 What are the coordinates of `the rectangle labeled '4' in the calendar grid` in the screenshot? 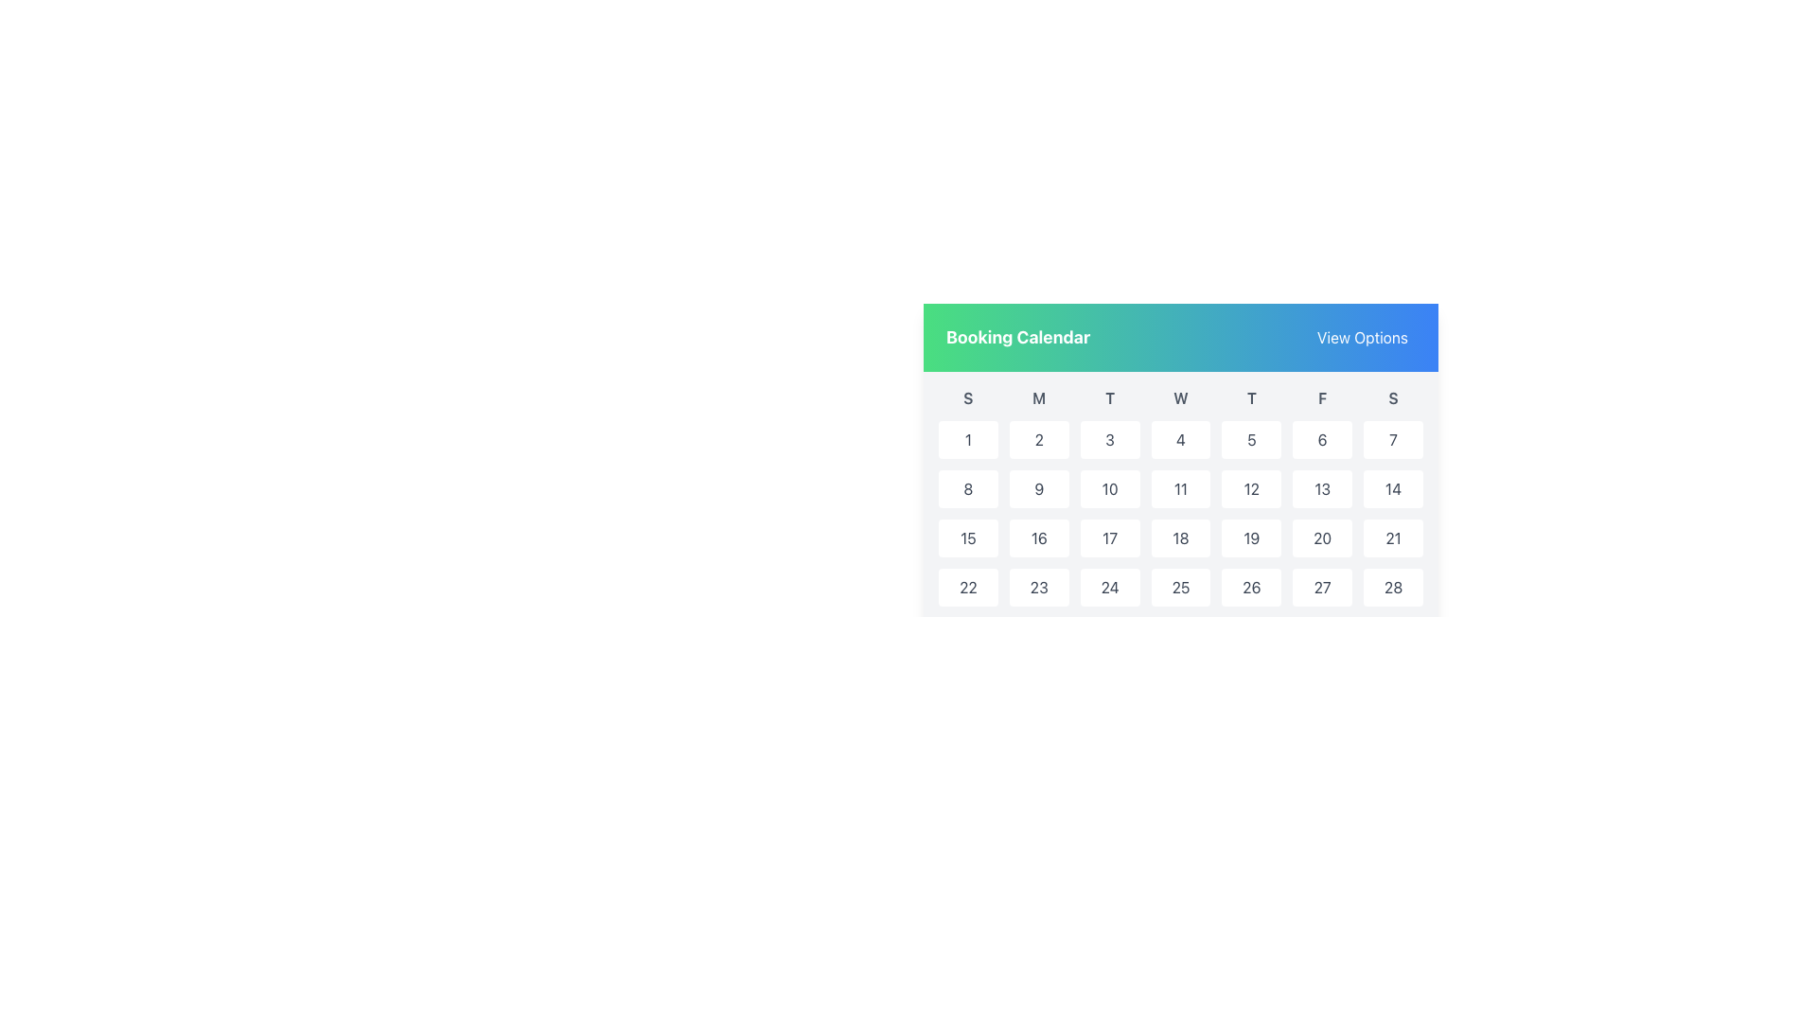 It's located at (1180, 440).